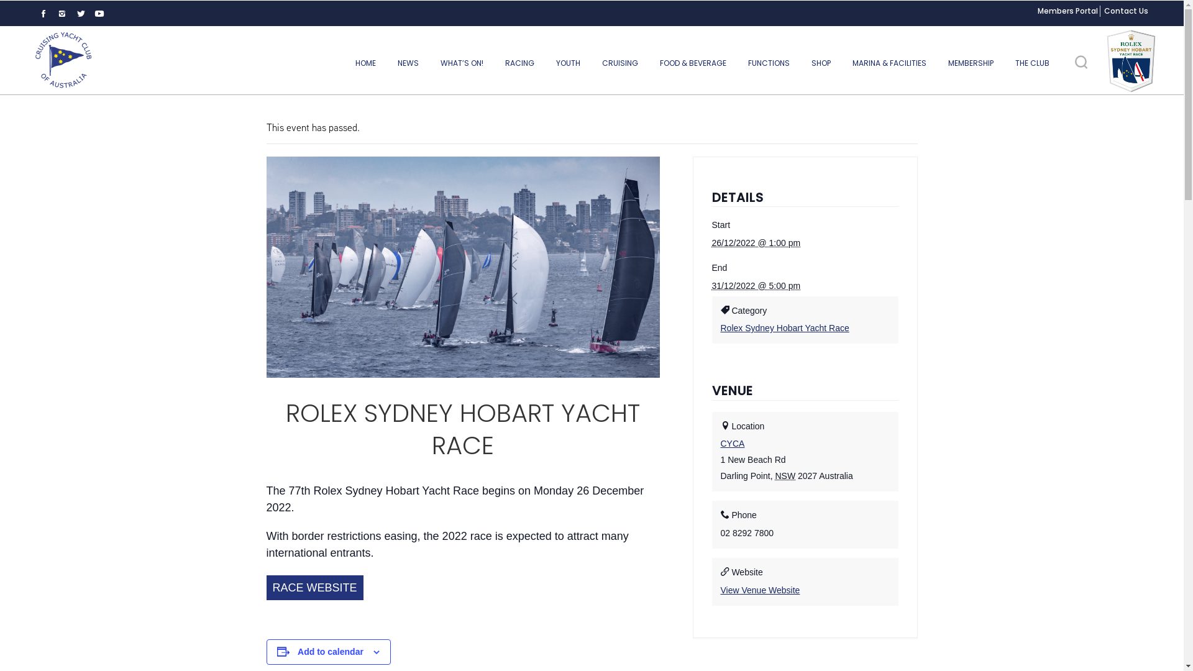 The width and height of the screenshot is (1193, 671). I want to click on 'NEWS', so click(408, 63).